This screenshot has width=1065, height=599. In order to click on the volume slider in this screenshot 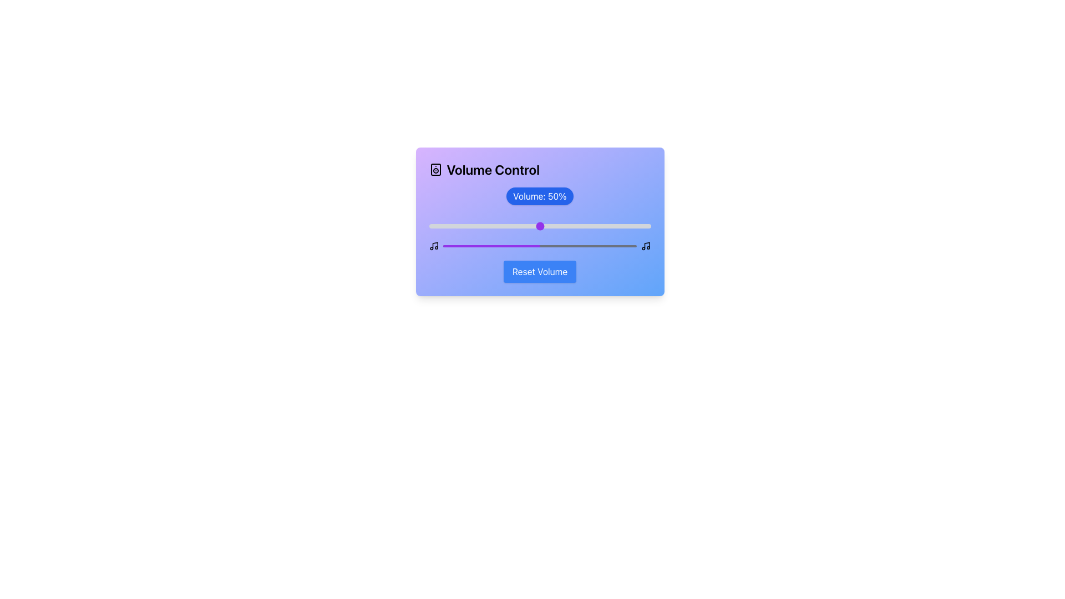, I will do `click(506, 226)`.